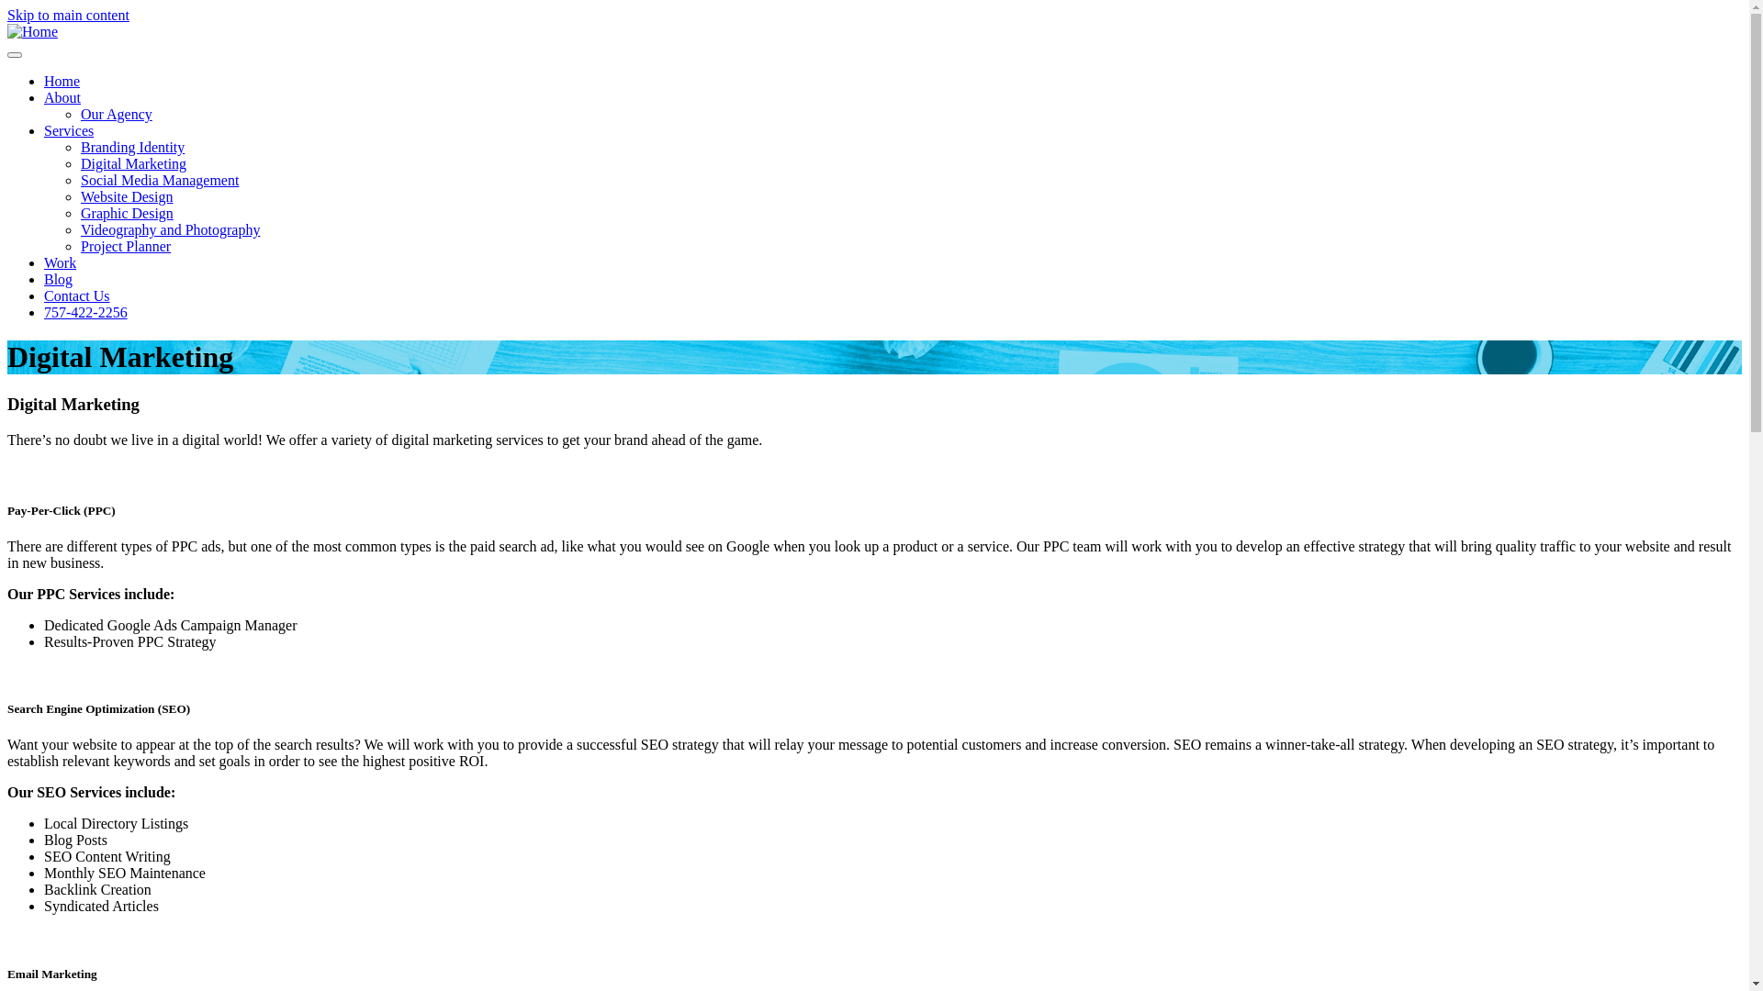 The height and width of the screenshot is (991, 1763). I want to click on 'Project Planner', so click(125, 245).